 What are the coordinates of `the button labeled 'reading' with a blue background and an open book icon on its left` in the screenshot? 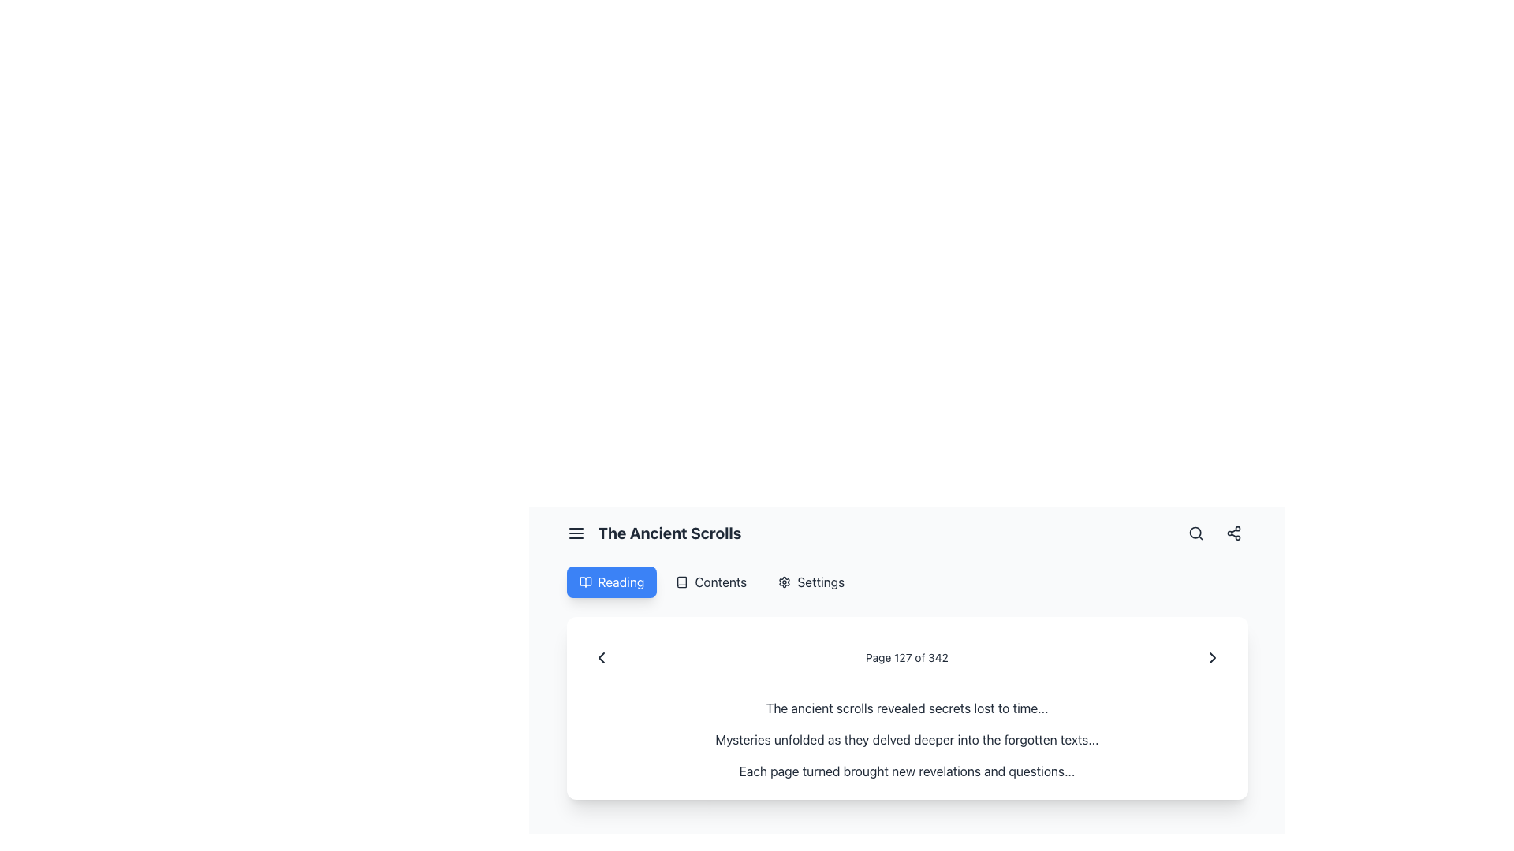 It's located at (610, 582).